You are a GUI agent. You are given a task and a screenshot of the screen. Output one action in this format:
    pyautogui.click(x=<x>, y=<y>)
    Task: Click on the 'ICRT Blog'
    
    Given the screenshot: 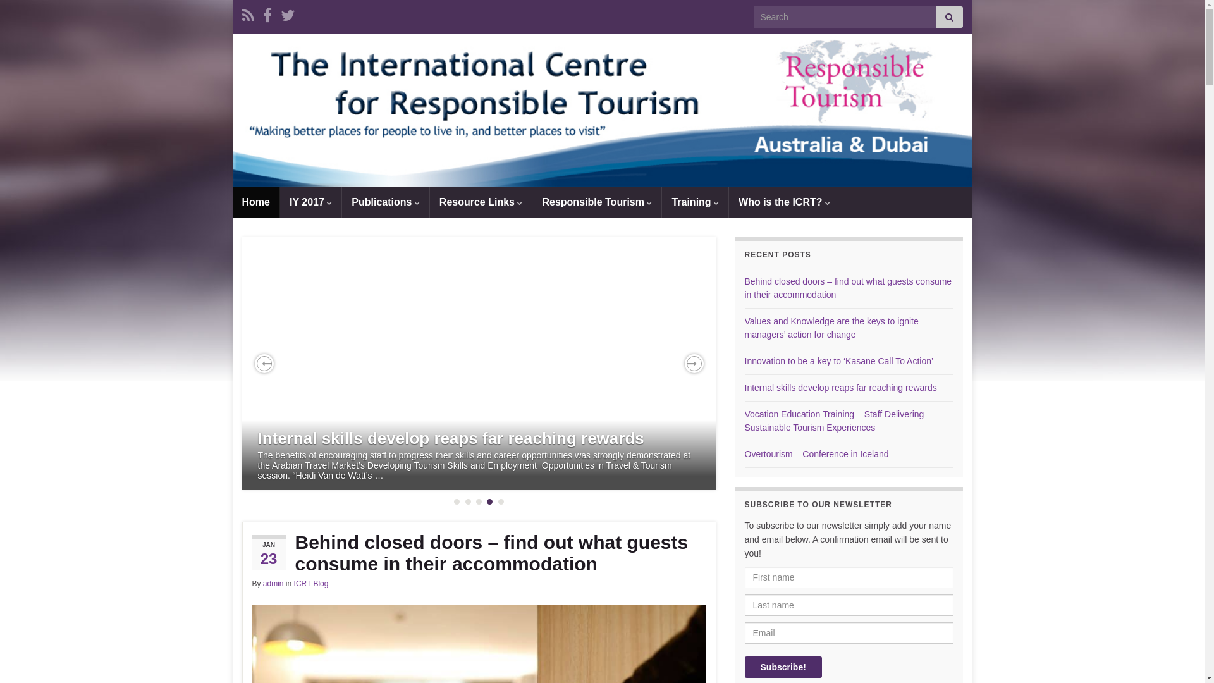 What is the action you would take?
    pyautogui.click(x=311, y=583)
    